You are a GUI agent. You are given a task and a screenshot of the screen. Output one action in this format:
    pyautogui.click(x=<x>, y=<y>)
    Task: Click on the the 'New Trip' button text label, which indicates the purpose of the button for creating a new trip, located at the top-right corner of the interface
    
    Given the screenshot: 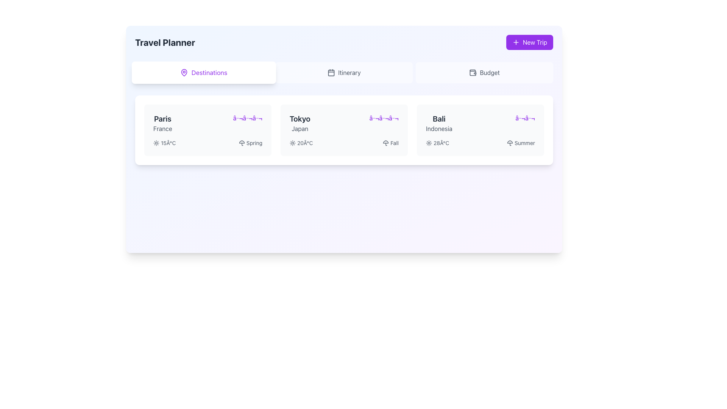 What is the action you would take?
    pyautogui.click(x=534, y=42)
    